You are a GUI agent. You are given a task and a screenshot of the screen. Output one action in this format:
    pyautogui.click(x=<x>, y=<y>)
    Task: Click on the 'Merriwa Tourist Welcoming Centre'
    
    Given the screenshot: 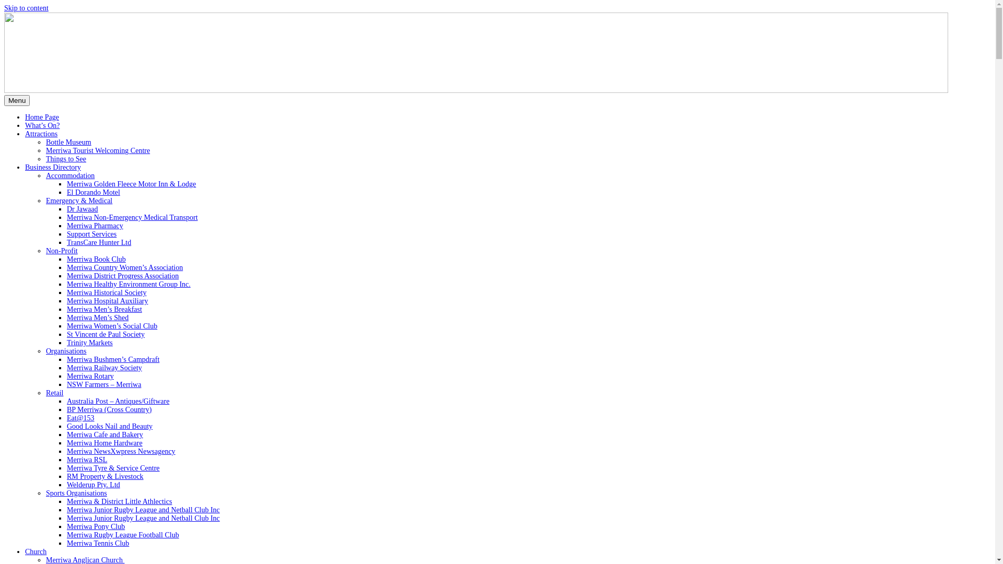 What is the action you would take?
    pyautogui.click(x=98, y=150)
    